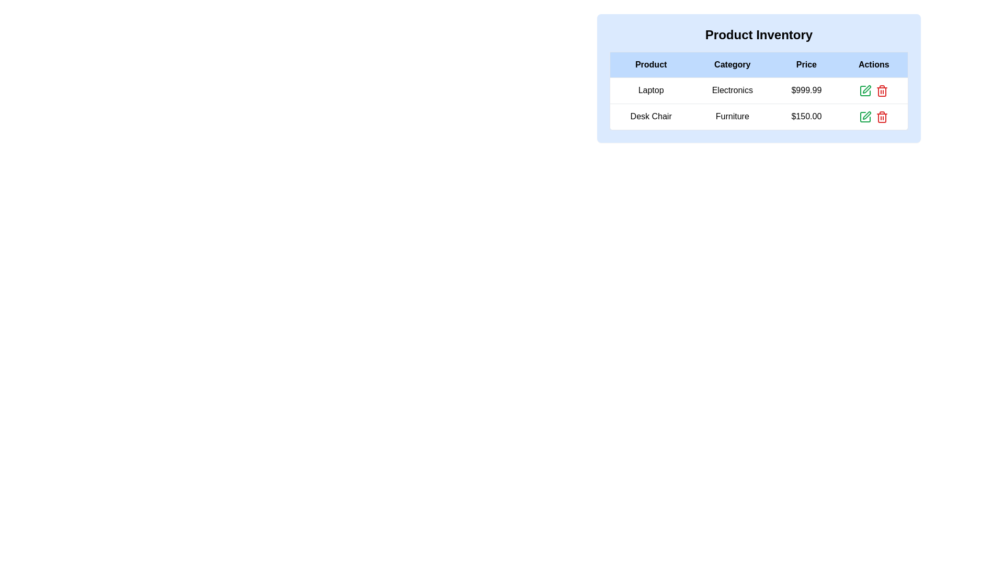  I want to click on the green pencil icon in the 'Actions' column of the first row, so click(874, 90).